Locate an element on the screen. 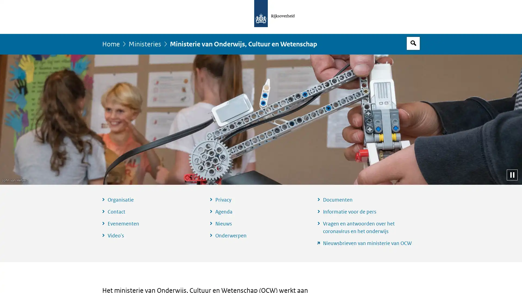 The image size is (522, 293). Pauzeer diashow is located at coordinates (512, 175).